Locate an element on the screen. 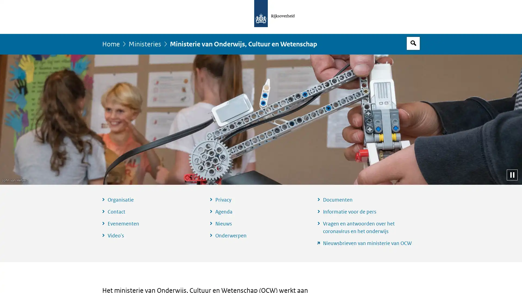 The image size is (522, 293). Pauzeer diashow is located at coordinates (512, 175).